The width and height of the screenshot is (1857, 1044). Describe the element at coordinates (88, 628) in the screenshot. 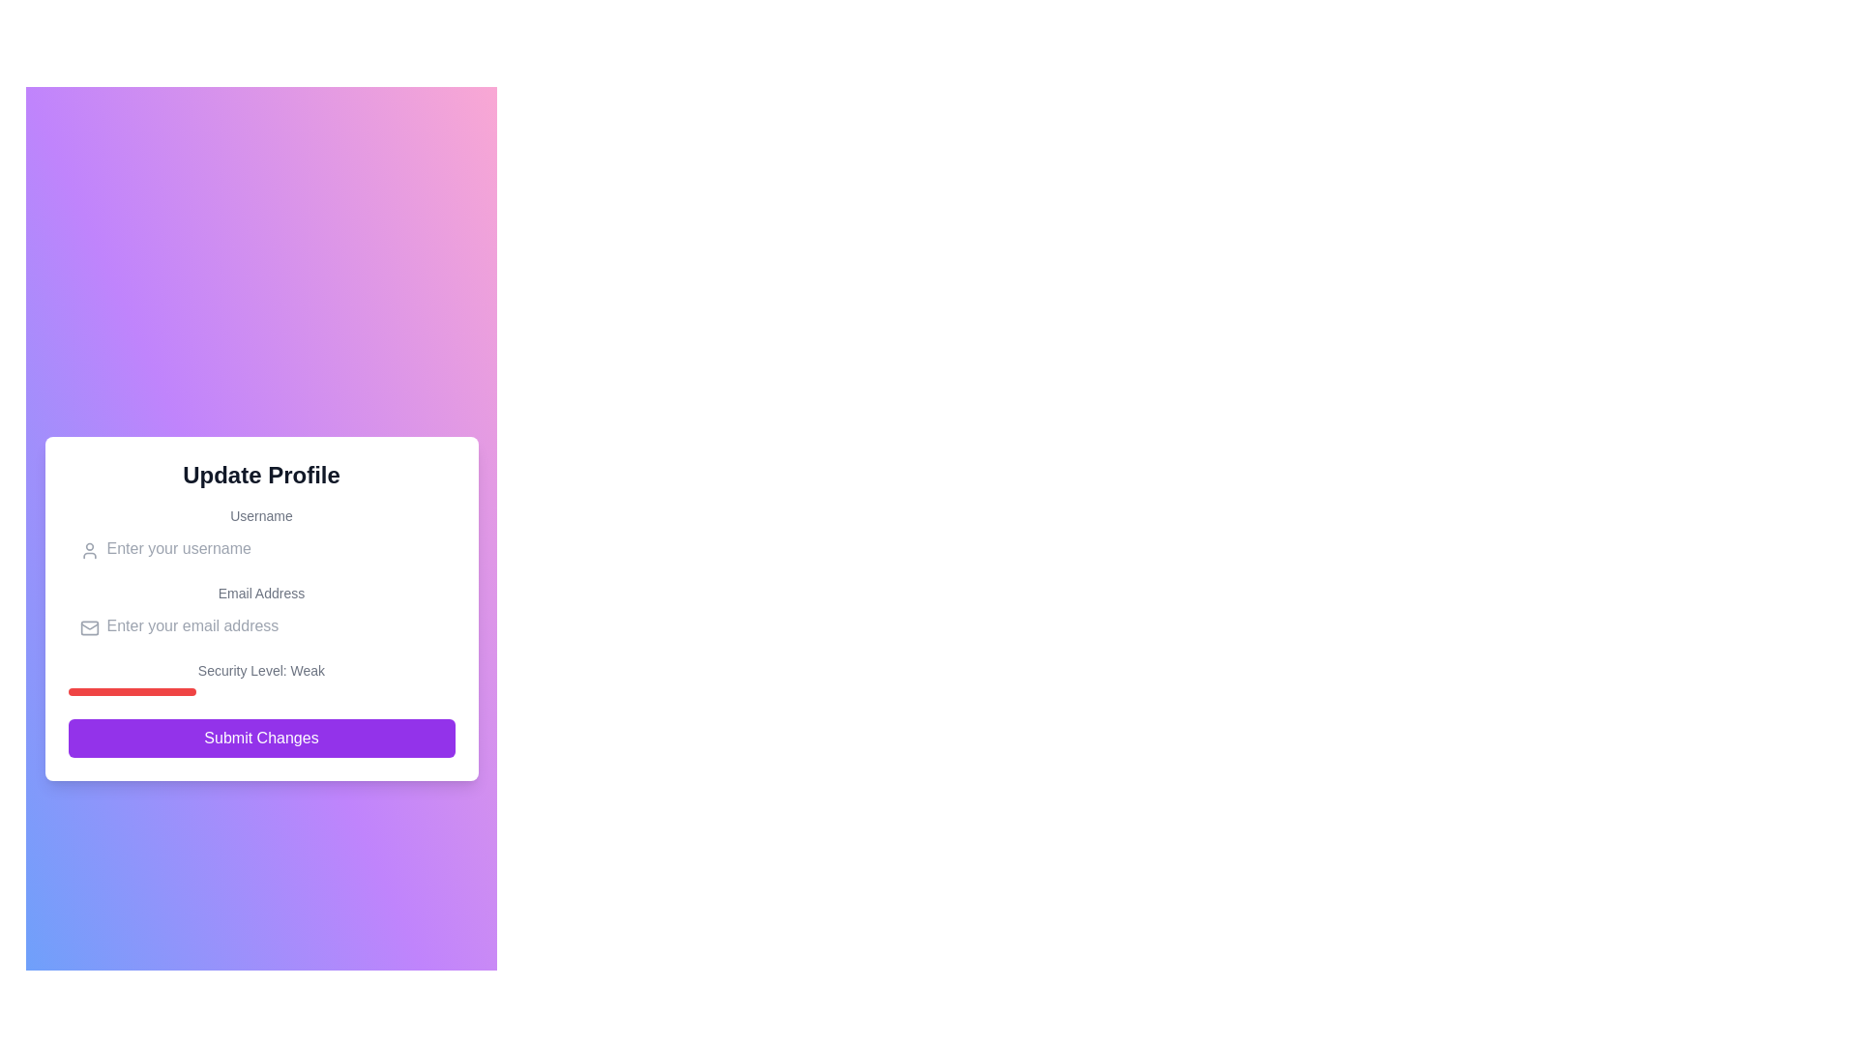

I see `the email icon resembling an envelope shape, located to the left of the 'Enter your email address' input field in the 'Update Profile' form` at that location.